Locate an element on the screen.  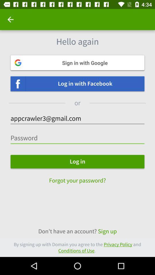
by signing up is located at coordinates (77, 247).